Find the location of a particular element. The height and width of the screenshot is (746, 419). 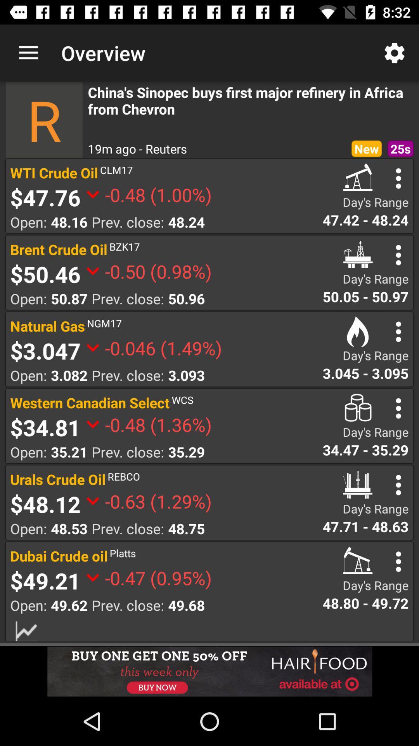

options is located at coordinates (398, 331).